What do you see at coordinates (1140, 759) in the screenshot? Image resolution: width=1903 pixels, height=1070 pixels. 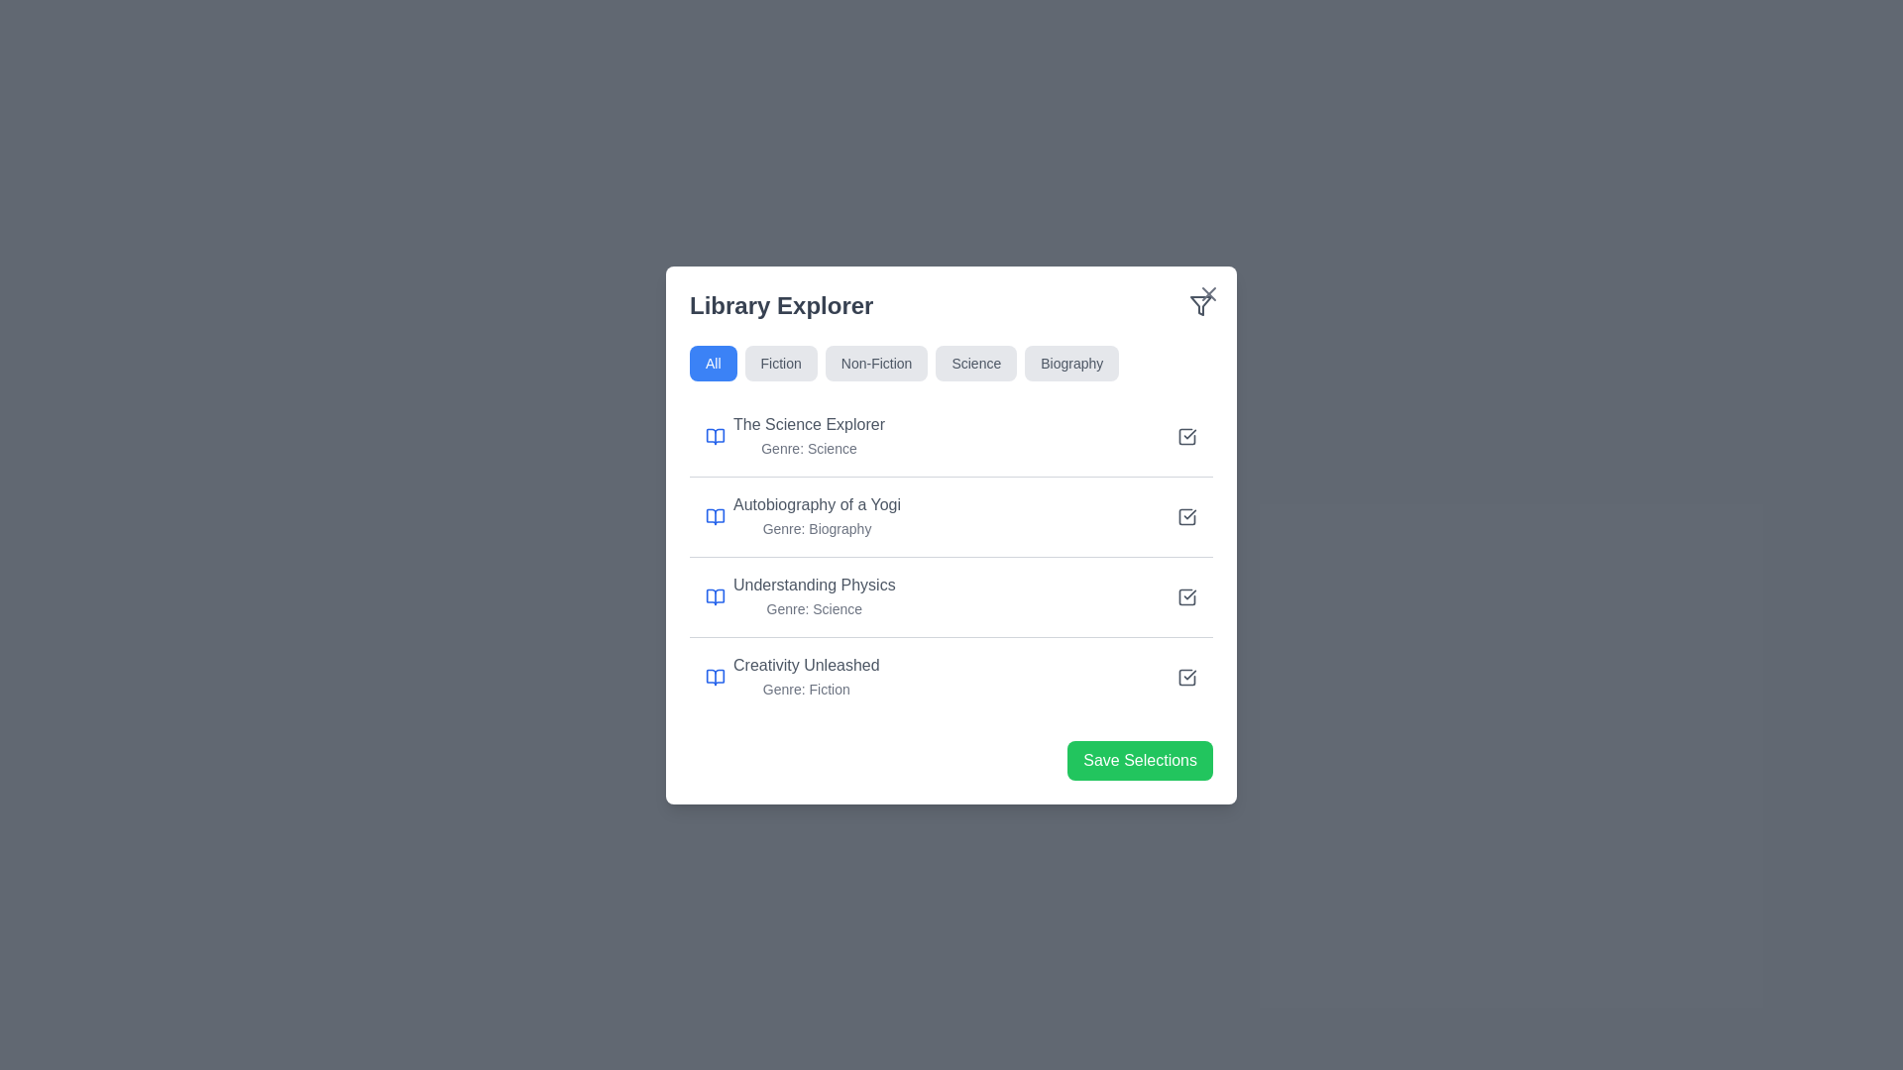 I see `the save button located at the bottom-right corner of the 'Library Explorer' card` at bounding box center [1140, 759].